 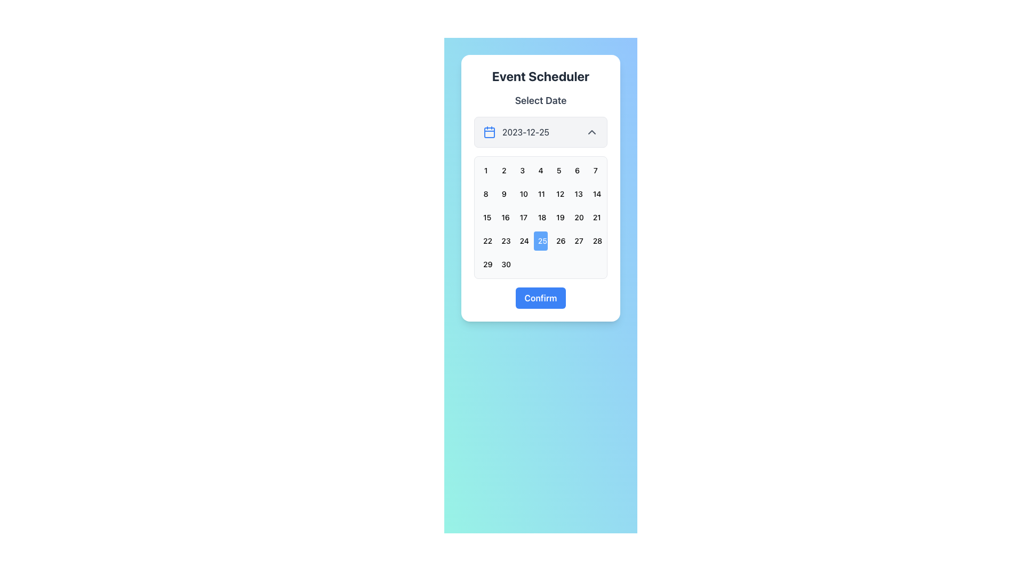 What do you see at coordinates (577, 194) in the screenshot?
I see `the date selection button located in the third column and second row of the calendar grid` at bounding box center [577, 194].